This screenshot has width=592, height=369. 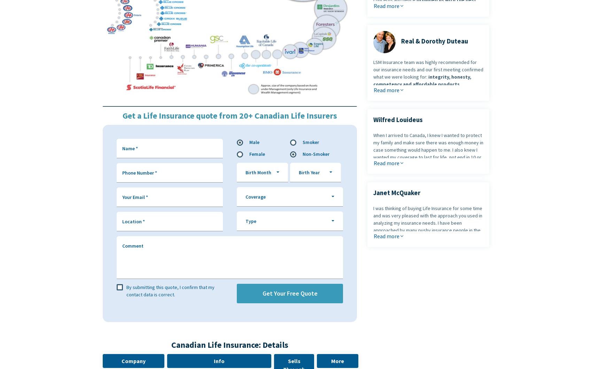 I want to click on 'Location', so click(x=132, y=221).